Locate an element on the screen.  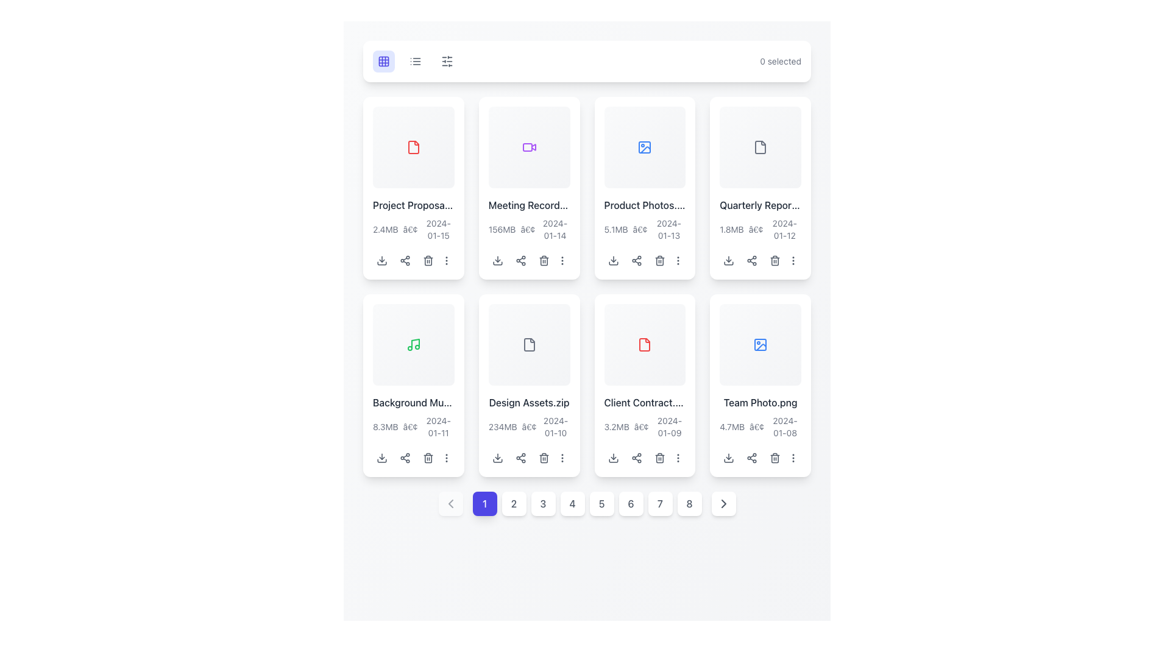
the leftmost icon in the toolbar that resembles horizontal sliders to trigger a tooltip if available is located at coordinates (447, 61).